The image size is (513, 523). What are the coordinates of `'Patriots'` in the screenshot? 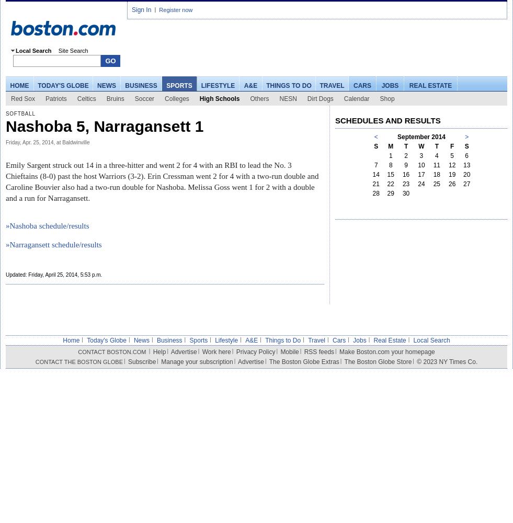 It's located at (45, 98).